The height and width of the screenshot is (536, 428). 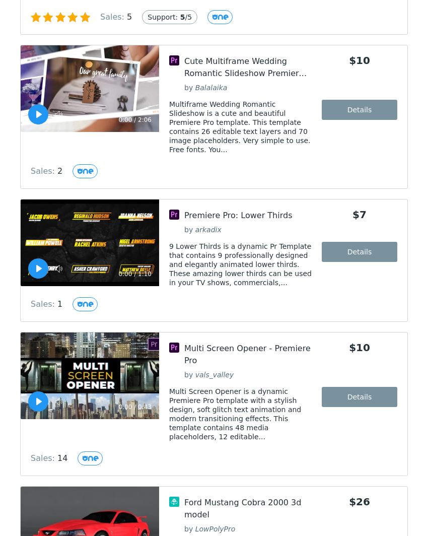 What do you see at coordinates (169, 414) in the screenshot?
I see `'Multi Screen Opener is a dynamic Premiere Pro template with a stylish design, soft glitch text animation and modern transitioning effects. This template contains 48 media placeholders, 12 editable...'` at bounding box center [169, 414].